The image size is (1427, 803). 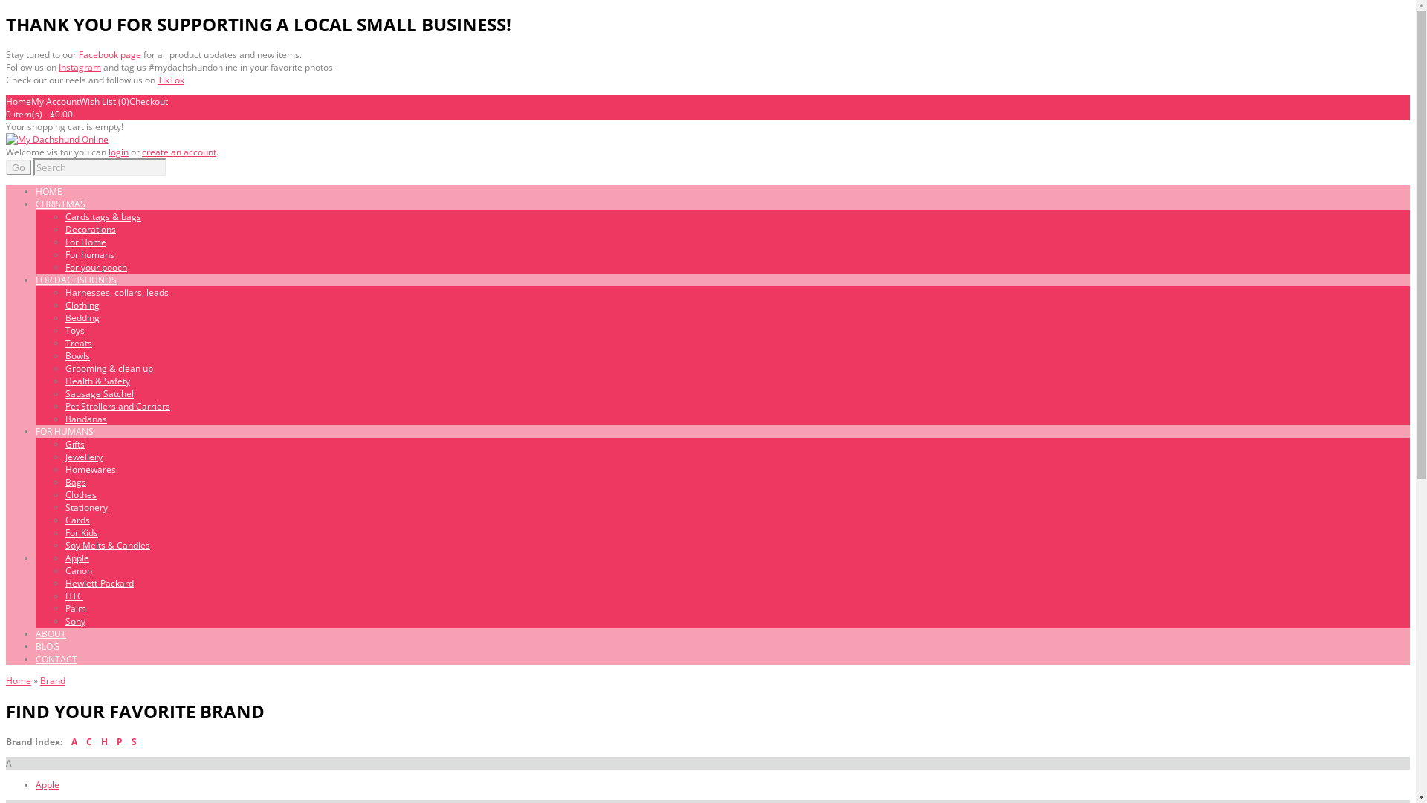 I want to click on 'Bedding', so click(x=81, y=317).